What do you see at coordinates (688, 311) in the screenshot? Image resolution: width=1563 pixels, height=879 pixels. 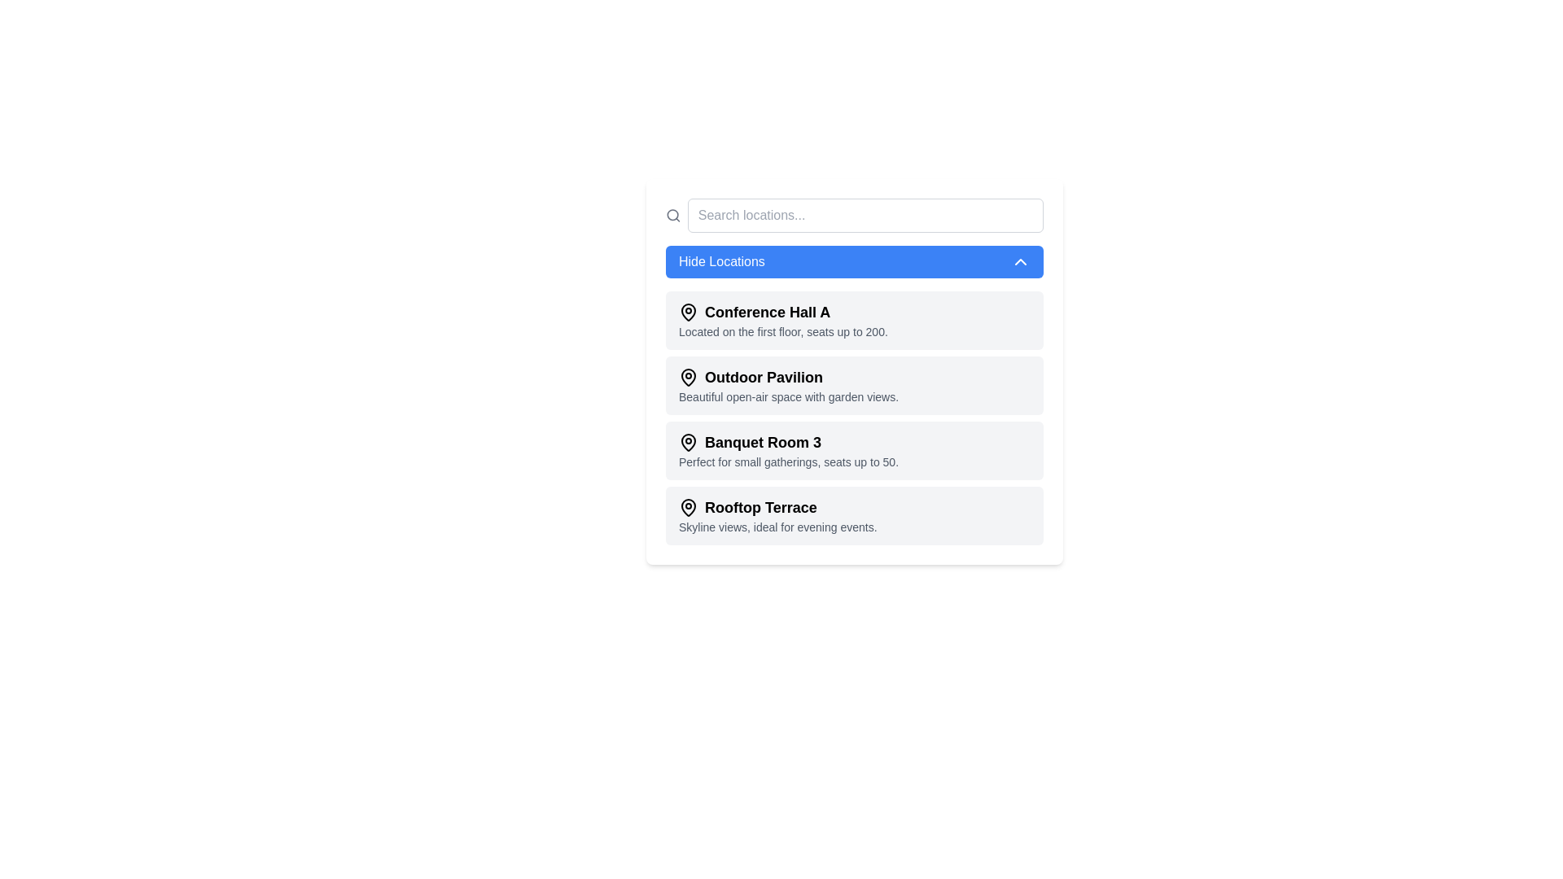 I see `the first icon representing a location in the 'Conference Hall A' section of the venue list` at bounding box center [688, 311].